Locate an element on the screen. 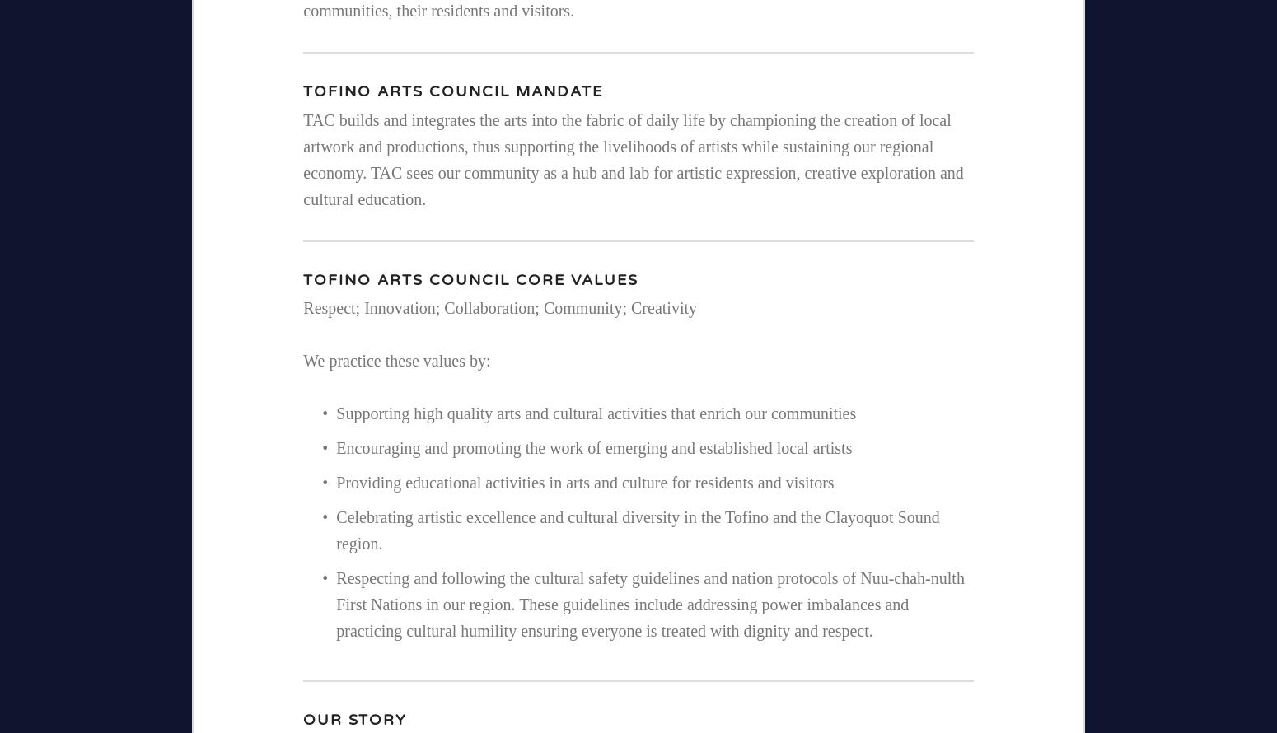 Image resolution: width=1277 pixels, height=733 pixels. 'Tofino Arts Council CORE VALUES' is located at coordinates (302, 279).